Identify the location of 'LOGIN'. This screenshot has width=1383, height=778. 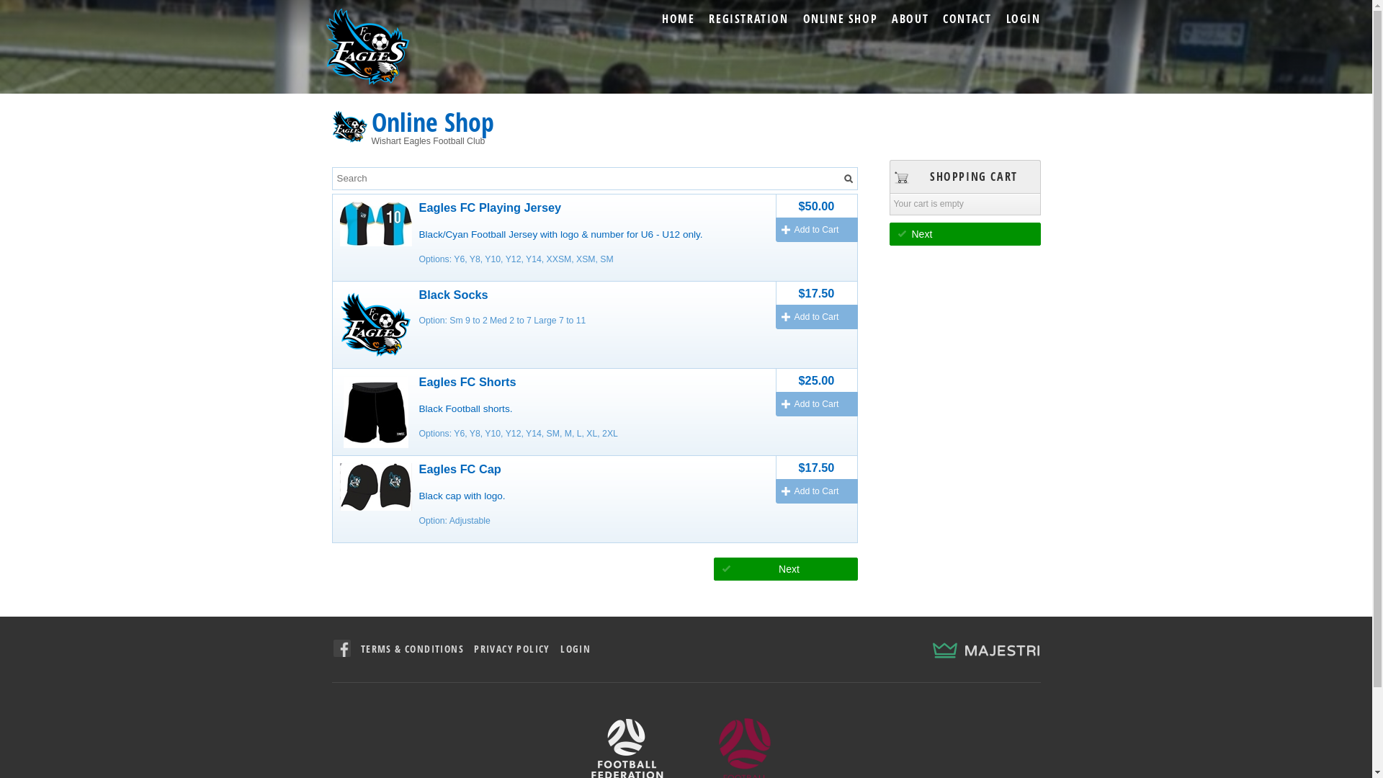
(1022, 19).